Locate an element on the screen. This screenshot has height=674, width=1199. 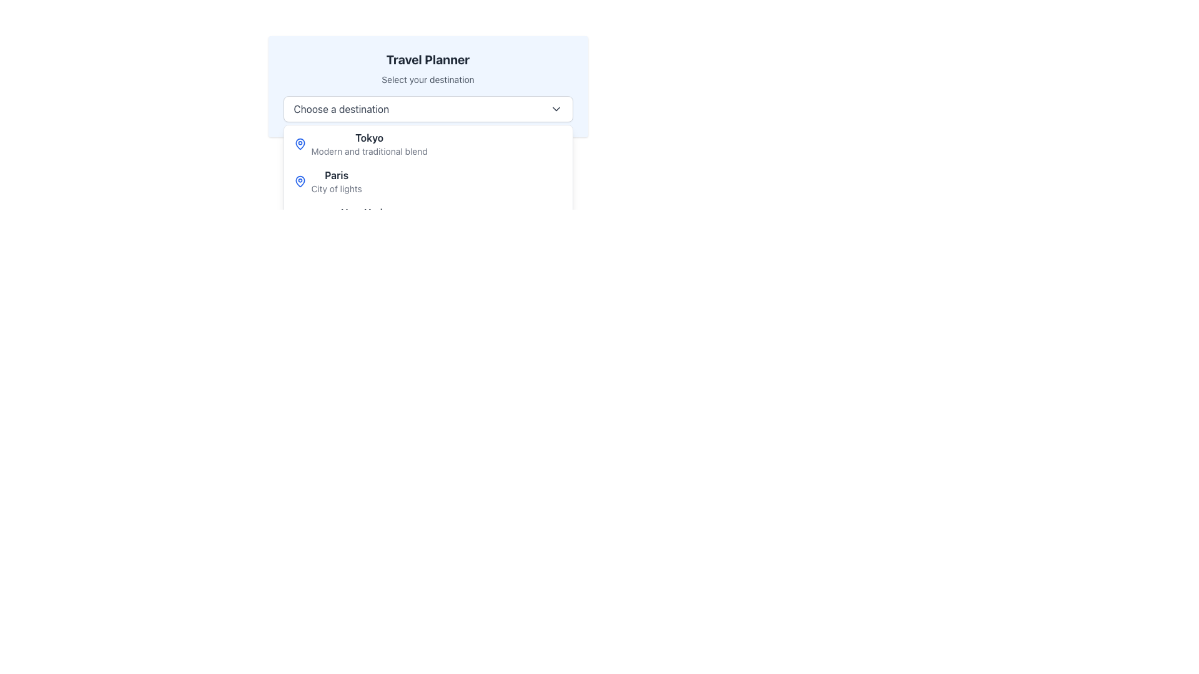
the descriptive text label located directly beneath the 'Tokyo' text within the dropdown menu, which provides additional context about the city is located at coordinates (368, 151).